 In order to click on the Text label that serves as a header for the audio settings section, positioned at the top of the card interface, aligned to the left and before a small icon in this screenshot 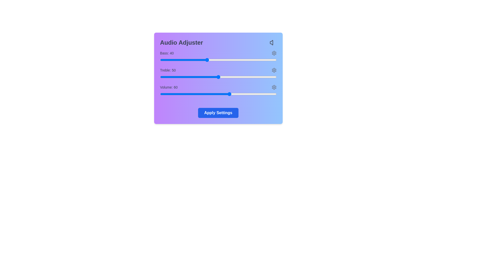, I will do `click(181, 42)`.